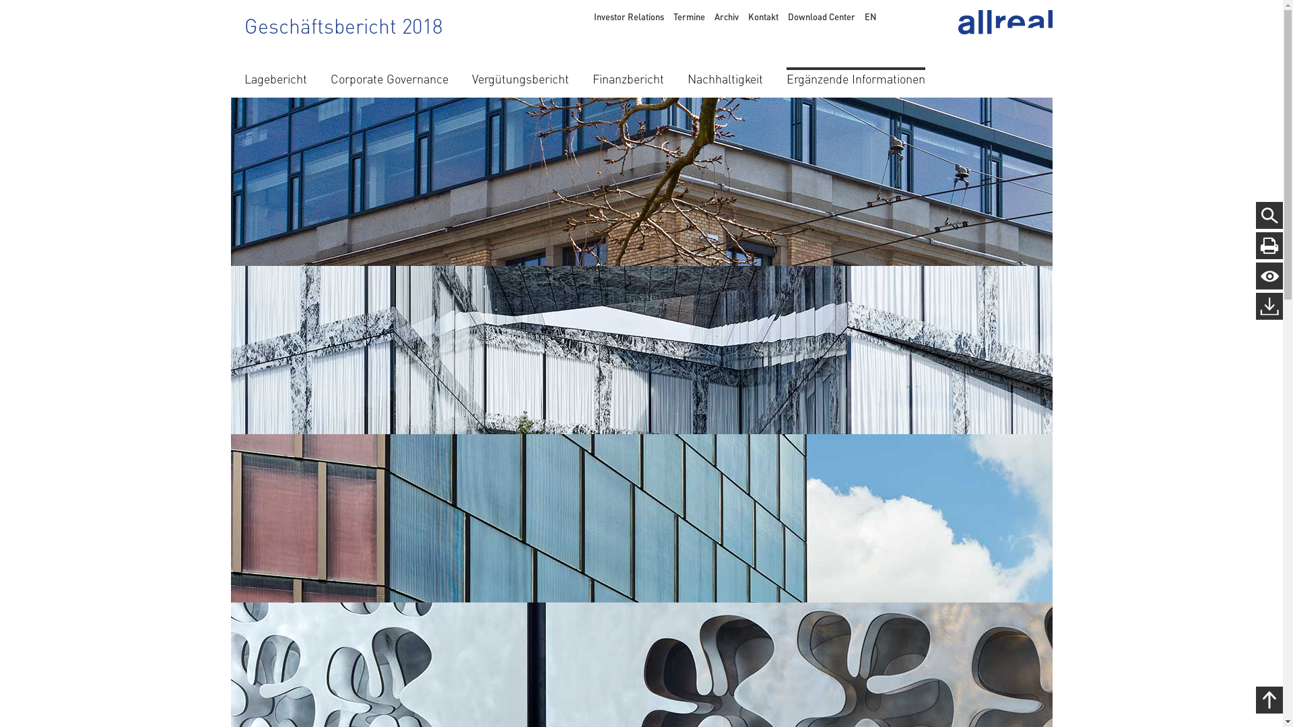 The height and width of the screenshot is (727, 1293). What do you see at coordinates (274, 77) in the screenshot?
I see `'Lagebericht'` at bounding box center [274, 77].